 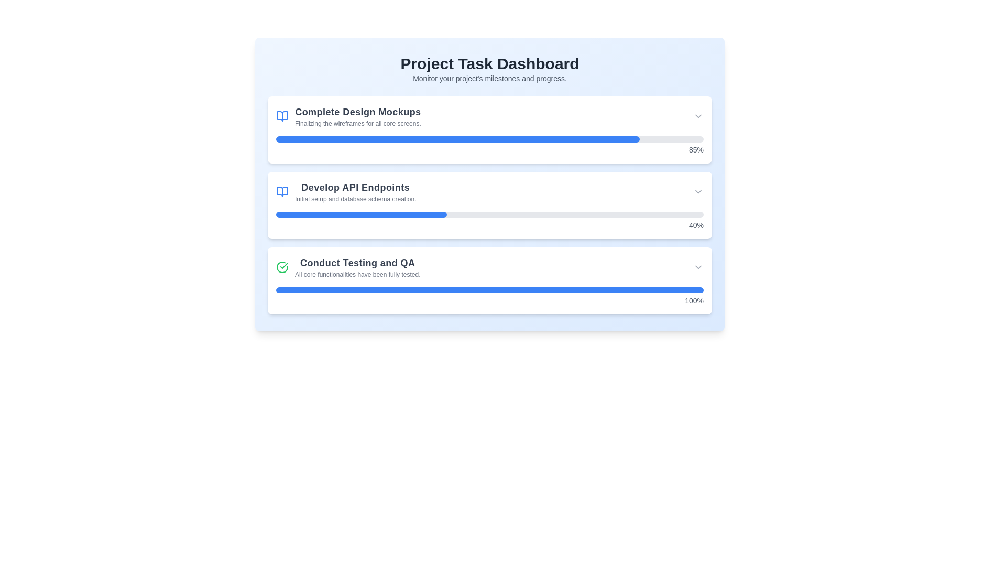 I want to click on the text label that reads 'Complete Design Mockups', which is styled with a larger font size, bold weight, and dark gray color at the top of a progress card, so click(x=358, y=112).